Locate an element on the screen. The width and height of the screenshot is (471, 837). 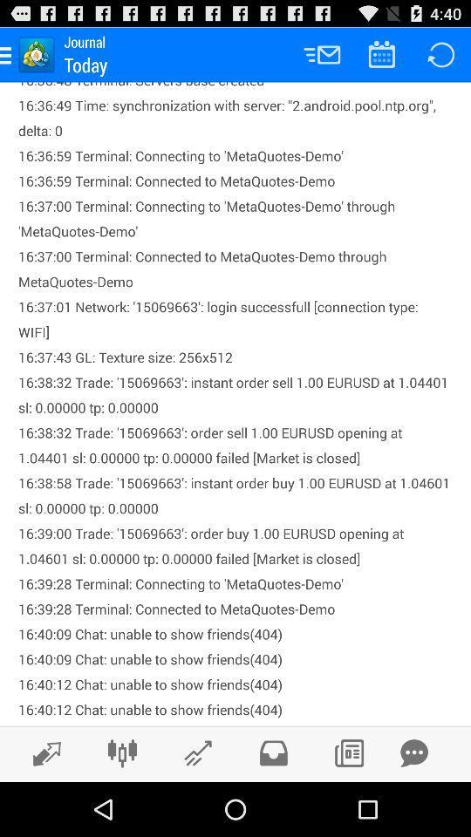
the 16 36 48 item is located at coordinates (235, 404).